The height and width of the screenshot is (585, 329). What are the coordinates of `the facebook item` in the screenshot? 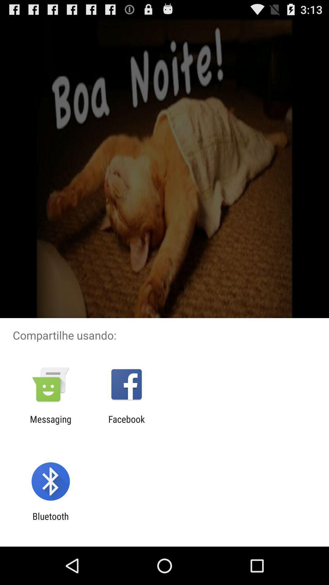 It's located at (126, 424).